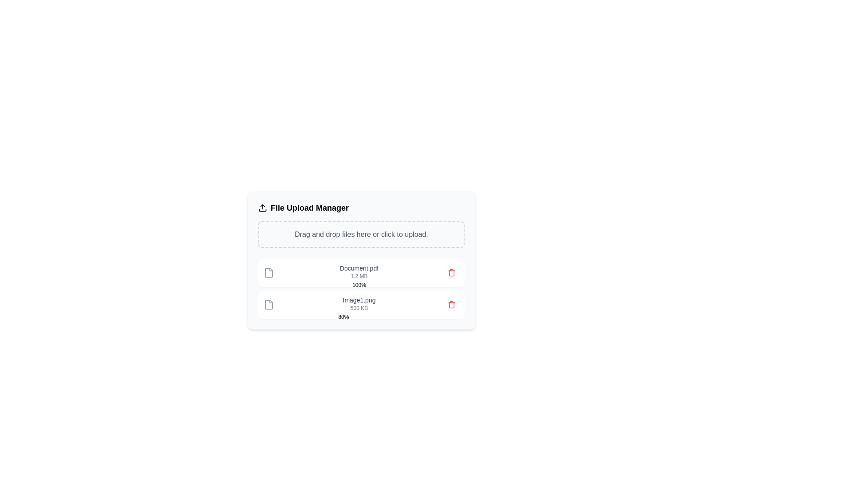  Describe the element at coordinates (451, 272) in the screenshot. I see `the delete icon button located to the right of the associated file item row in the file upload manager interface` at that location.